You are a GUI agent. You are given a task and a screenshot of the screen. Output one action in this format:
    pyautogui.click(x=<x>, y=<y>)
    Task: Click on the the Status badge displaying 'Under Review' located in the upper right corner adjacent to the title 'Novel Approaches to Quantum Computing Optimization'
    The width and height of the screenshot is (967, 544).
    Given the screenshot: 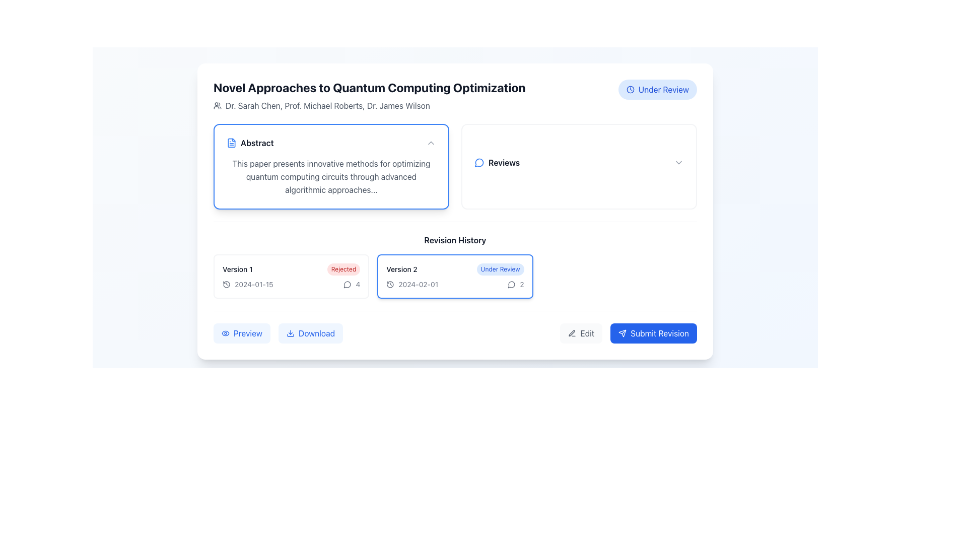 What is the action you would take?
    pyautogui.click(x=657, y=89)
    